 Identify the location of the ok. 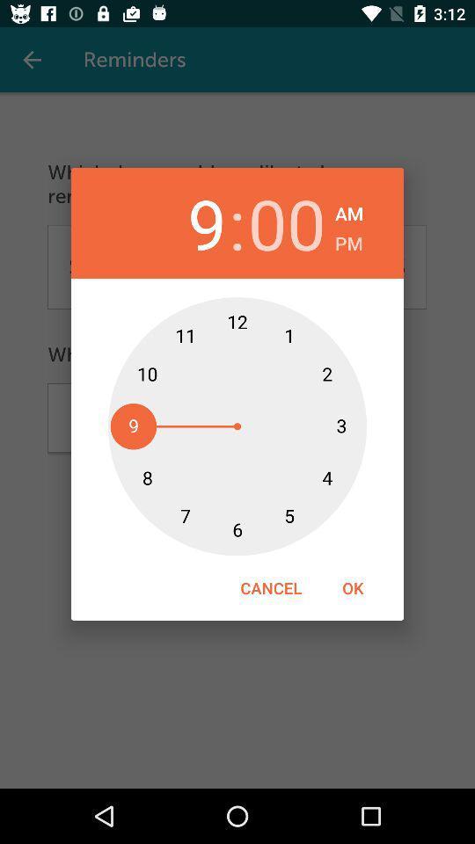
(353, 588).